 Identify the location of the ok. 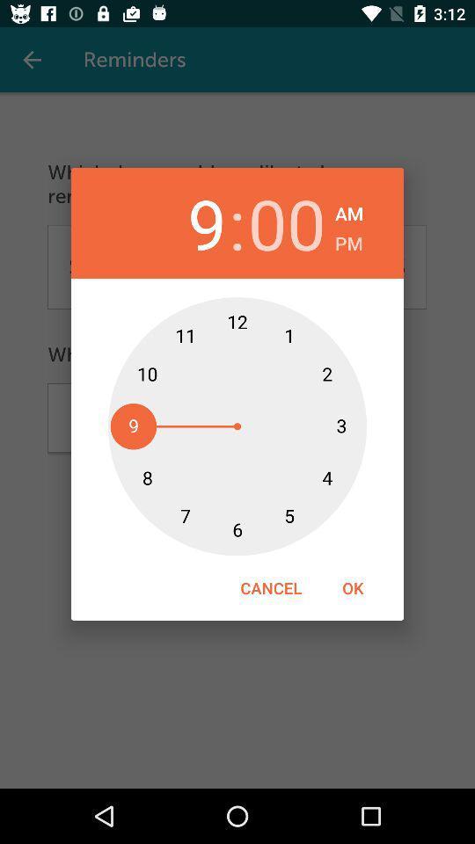
(353, 588).